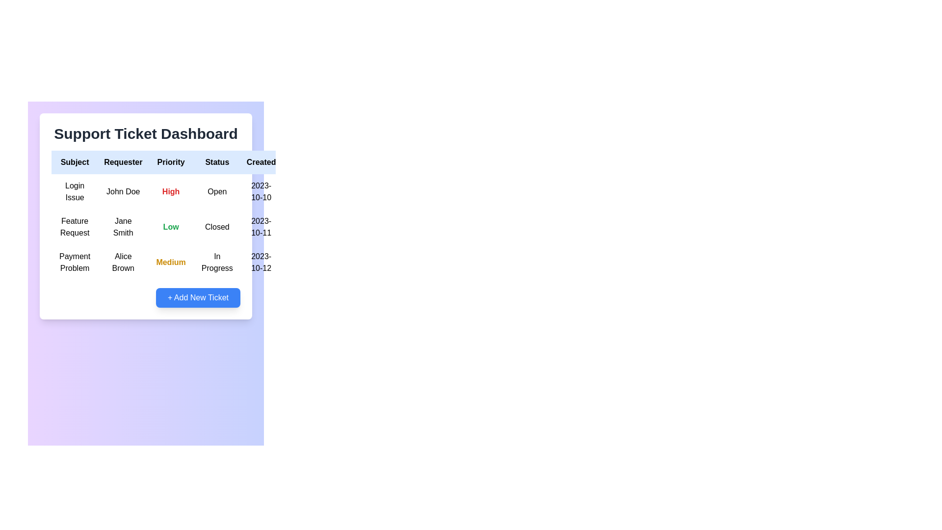 Image resolution: width=942 pixels, height=530 pixels. I want to click on the 'Priority' text header in the Support Ticket Dashboard, which is the third header in a row of six, displaying bold black text on a light blue background, so click(171, 162).